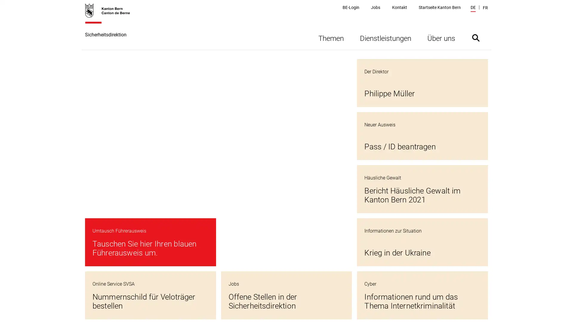 Image resolution: width=573 pixels, height=322 pixels. Describe the element at coordinates (475, 38) in the screenshot. I see `Suche ein- oder ausblenden` at that location.